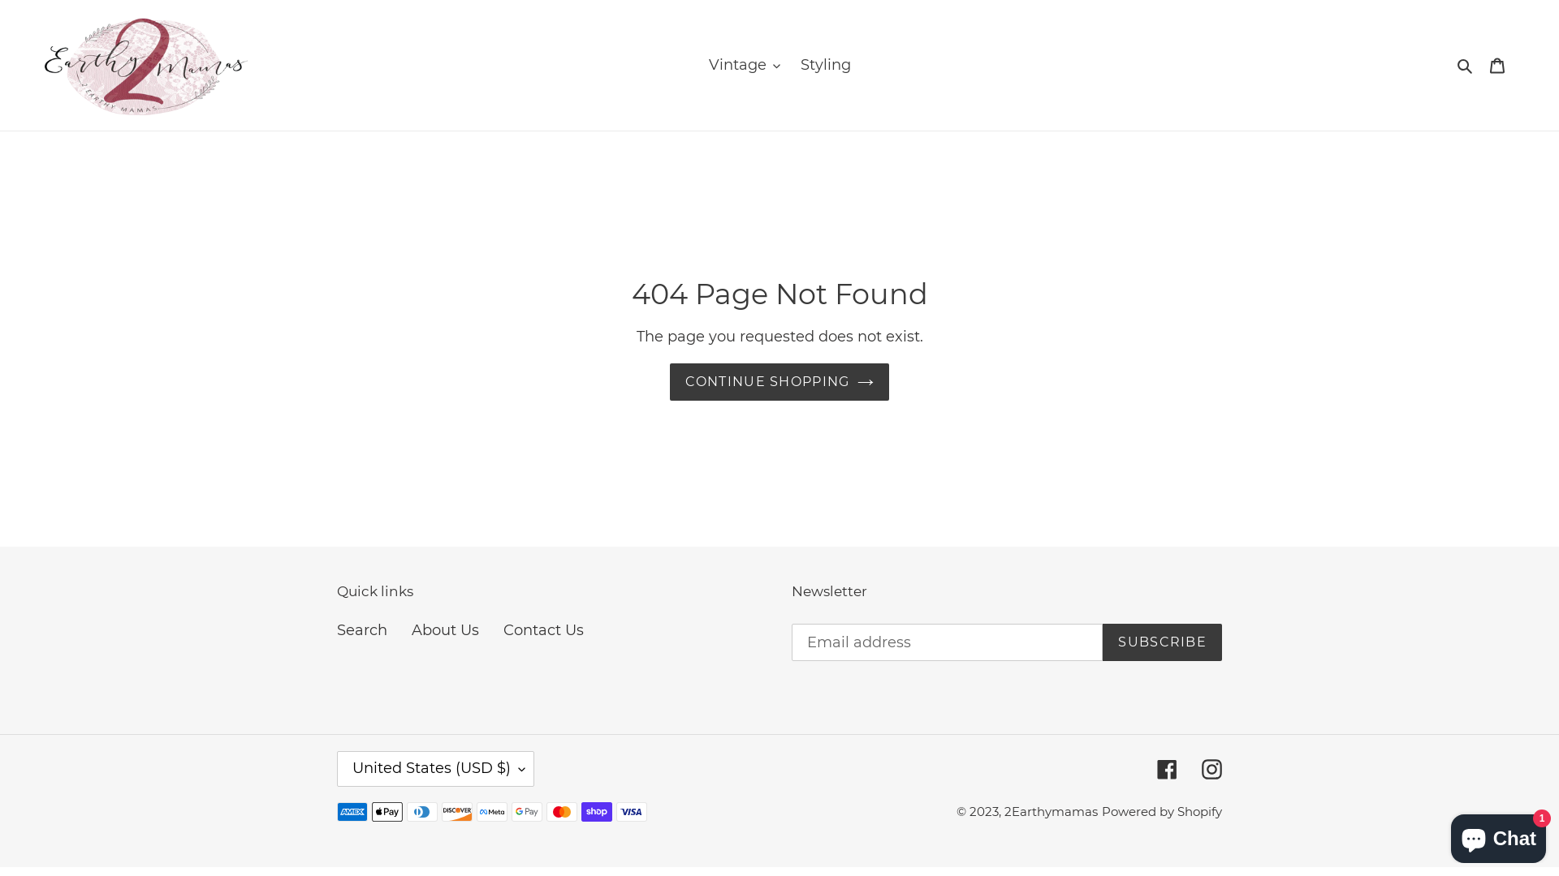 This screenshot has width=1559, height=876. What do you see at coordinates (1496, 64) in the screenshot?
I see `'Cart'` at bounding box center [1496, 64].